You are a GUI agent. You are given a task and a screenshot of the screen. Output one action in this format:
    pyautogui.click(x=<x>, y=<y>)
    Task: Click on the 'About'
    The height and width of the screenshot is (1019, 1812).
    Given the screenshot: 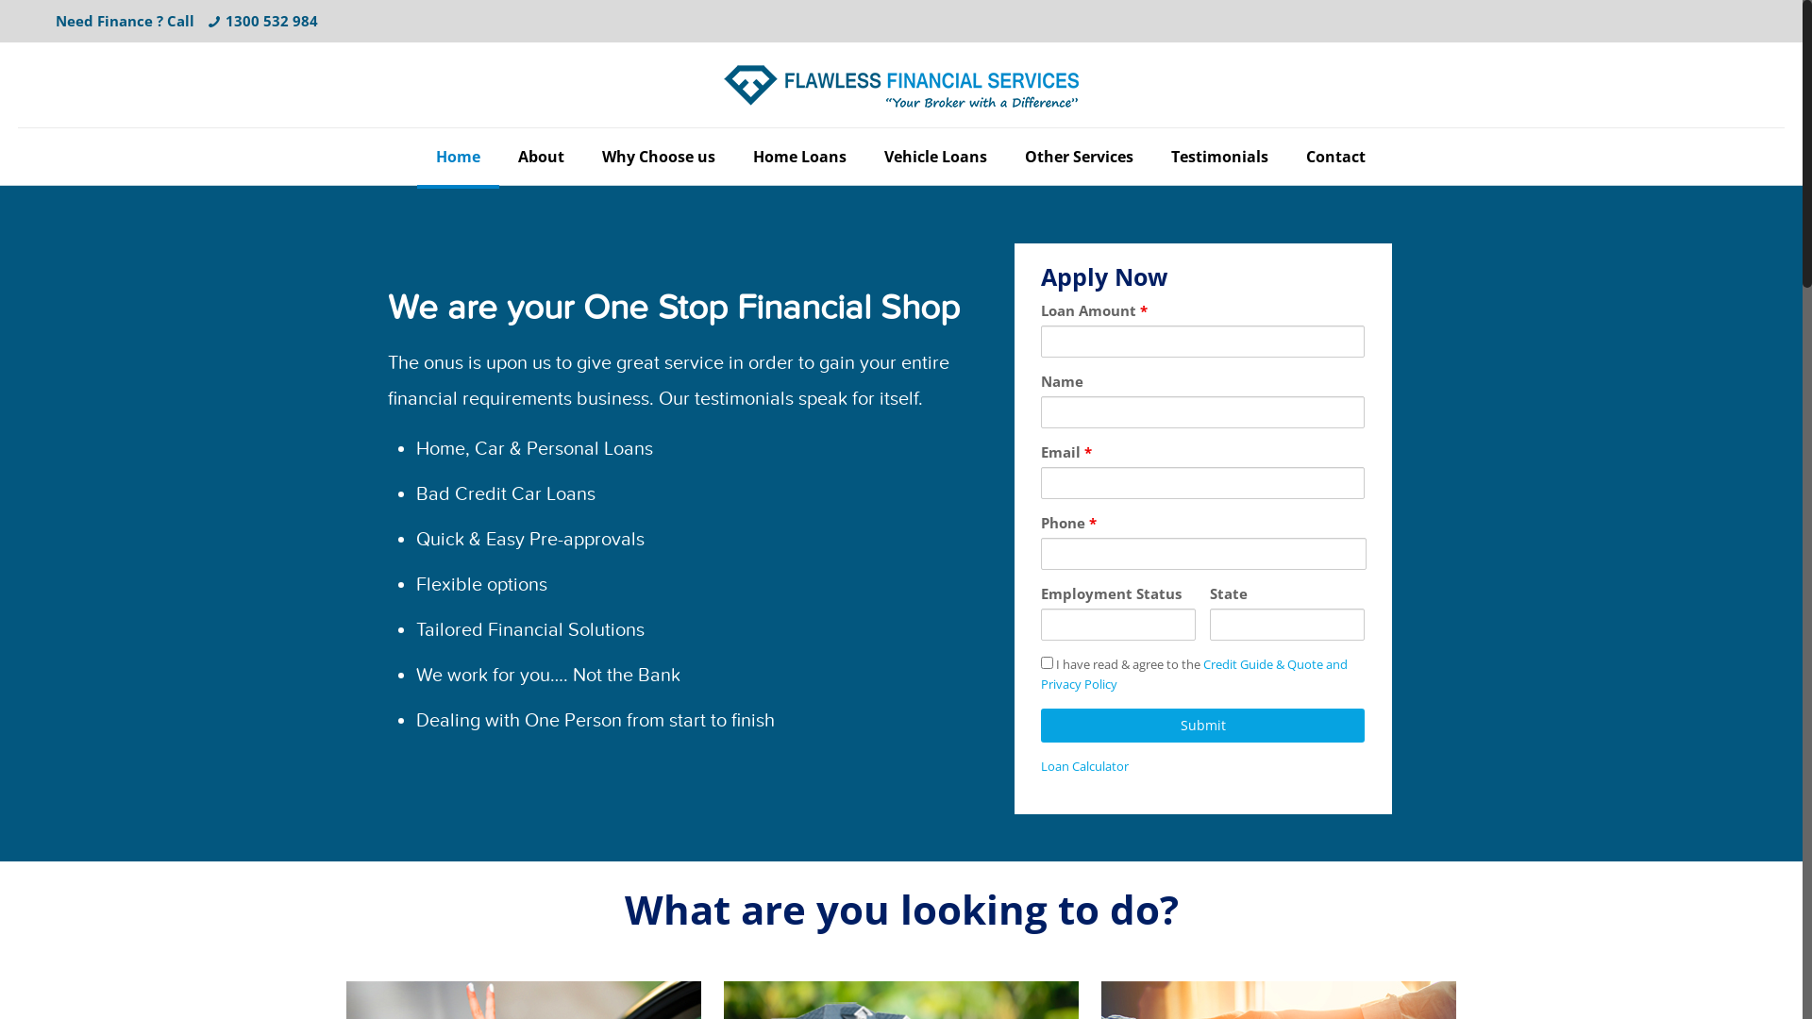 What is the action you would take?
    pyautogui.click(x=540, y=155)
    